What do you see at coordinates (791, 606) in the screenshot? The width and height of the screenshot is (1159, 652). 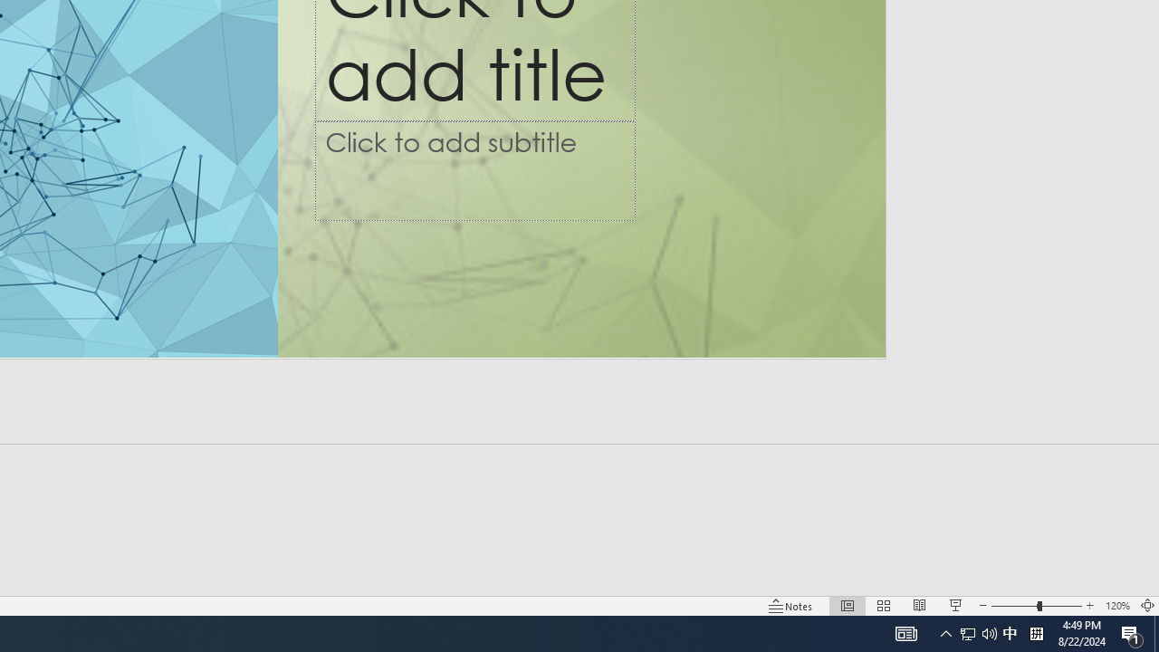 I see `'Notes '` at bounding box center [791, 606].